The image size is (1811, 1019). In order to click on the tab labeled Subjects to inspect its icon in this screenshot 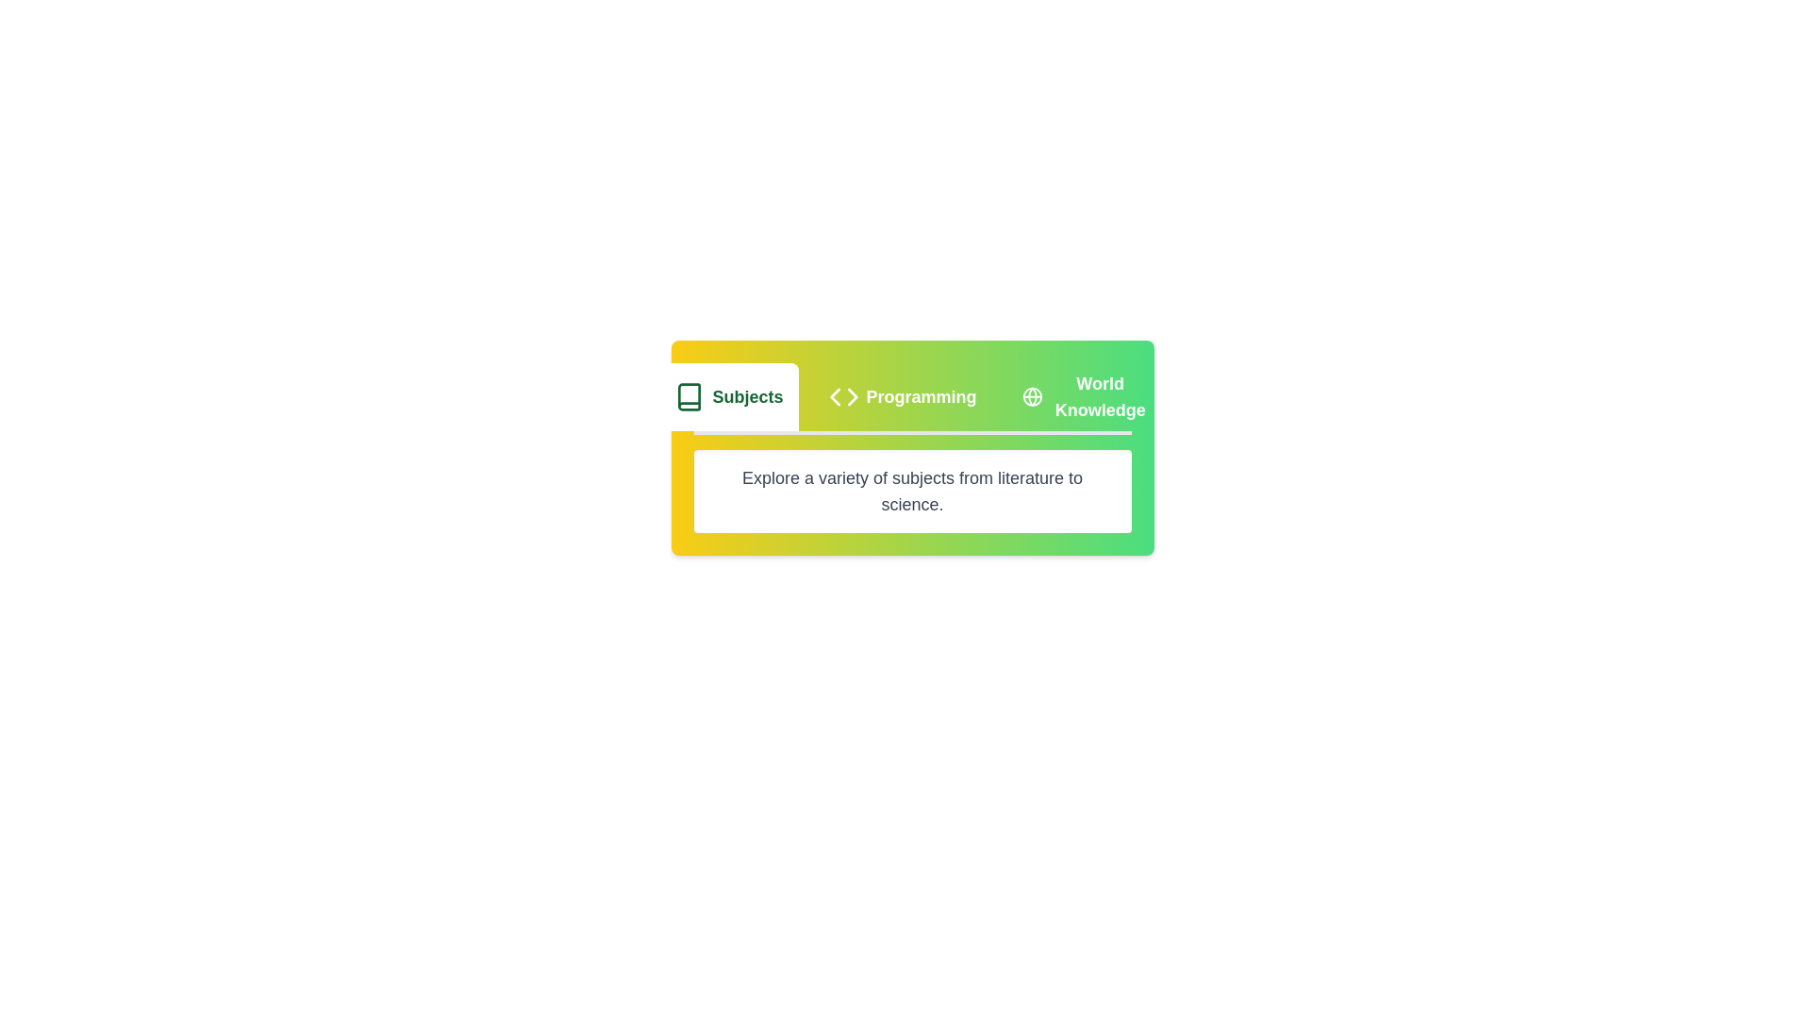, I will do `click(727, 395)`.